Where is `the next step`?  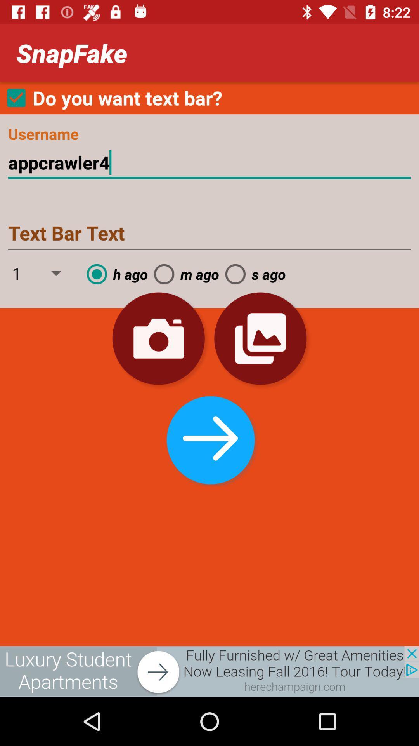 the next step is located at coordinates (209, 438).